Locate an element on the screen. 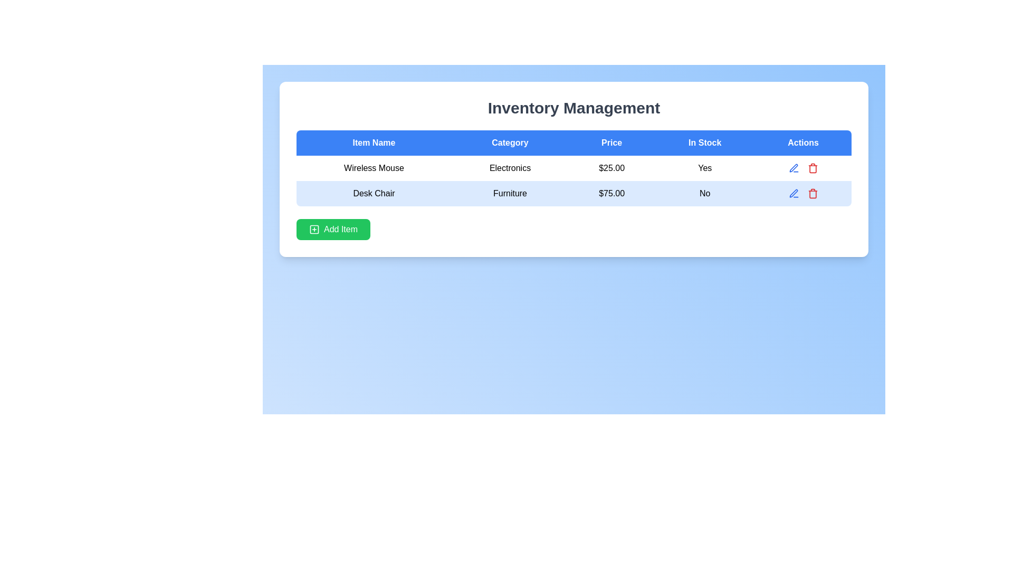  the text display element that shows 'Electronics' in the 'Category' column of the 'Wireless Mouse' row is located at coordinates (510, 168).